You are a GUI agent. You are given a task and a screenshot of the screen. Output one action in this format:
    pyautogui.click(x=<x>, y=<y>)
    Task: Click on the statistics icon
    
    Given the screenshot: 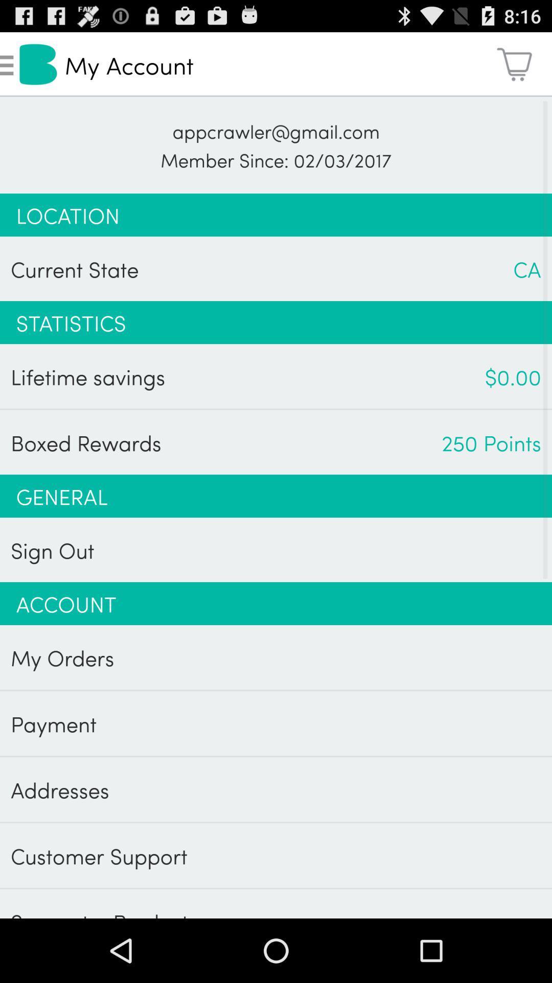 What is the action you would take?
    pyautogui.click(x=276, y=322)
    